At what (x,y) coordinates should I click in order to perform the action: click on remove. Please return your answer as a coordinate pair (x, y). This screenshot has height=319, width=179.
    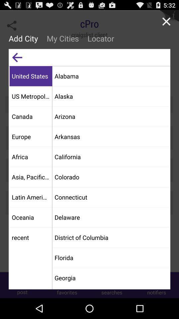
    Looking at the image, I should click on (166, 21).